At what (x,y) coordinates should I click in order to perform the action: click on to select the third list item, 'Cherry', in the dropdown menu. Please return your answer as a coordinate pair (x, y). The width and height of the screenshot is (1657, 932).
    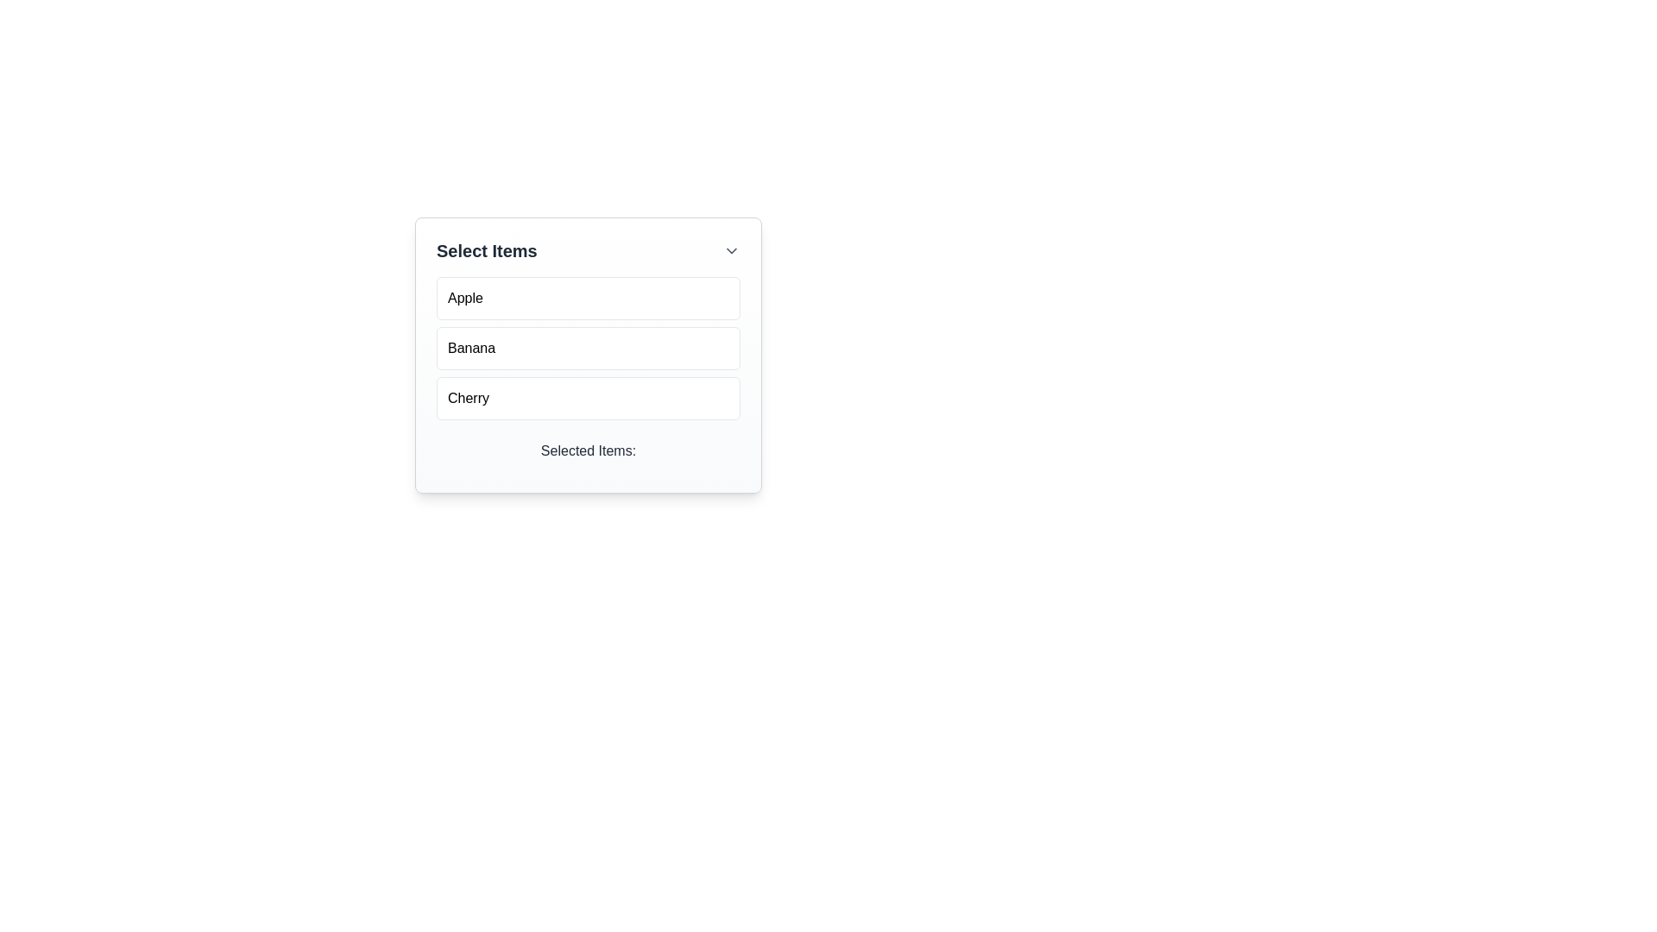
    Looking at the image, I should click on (588, 399).